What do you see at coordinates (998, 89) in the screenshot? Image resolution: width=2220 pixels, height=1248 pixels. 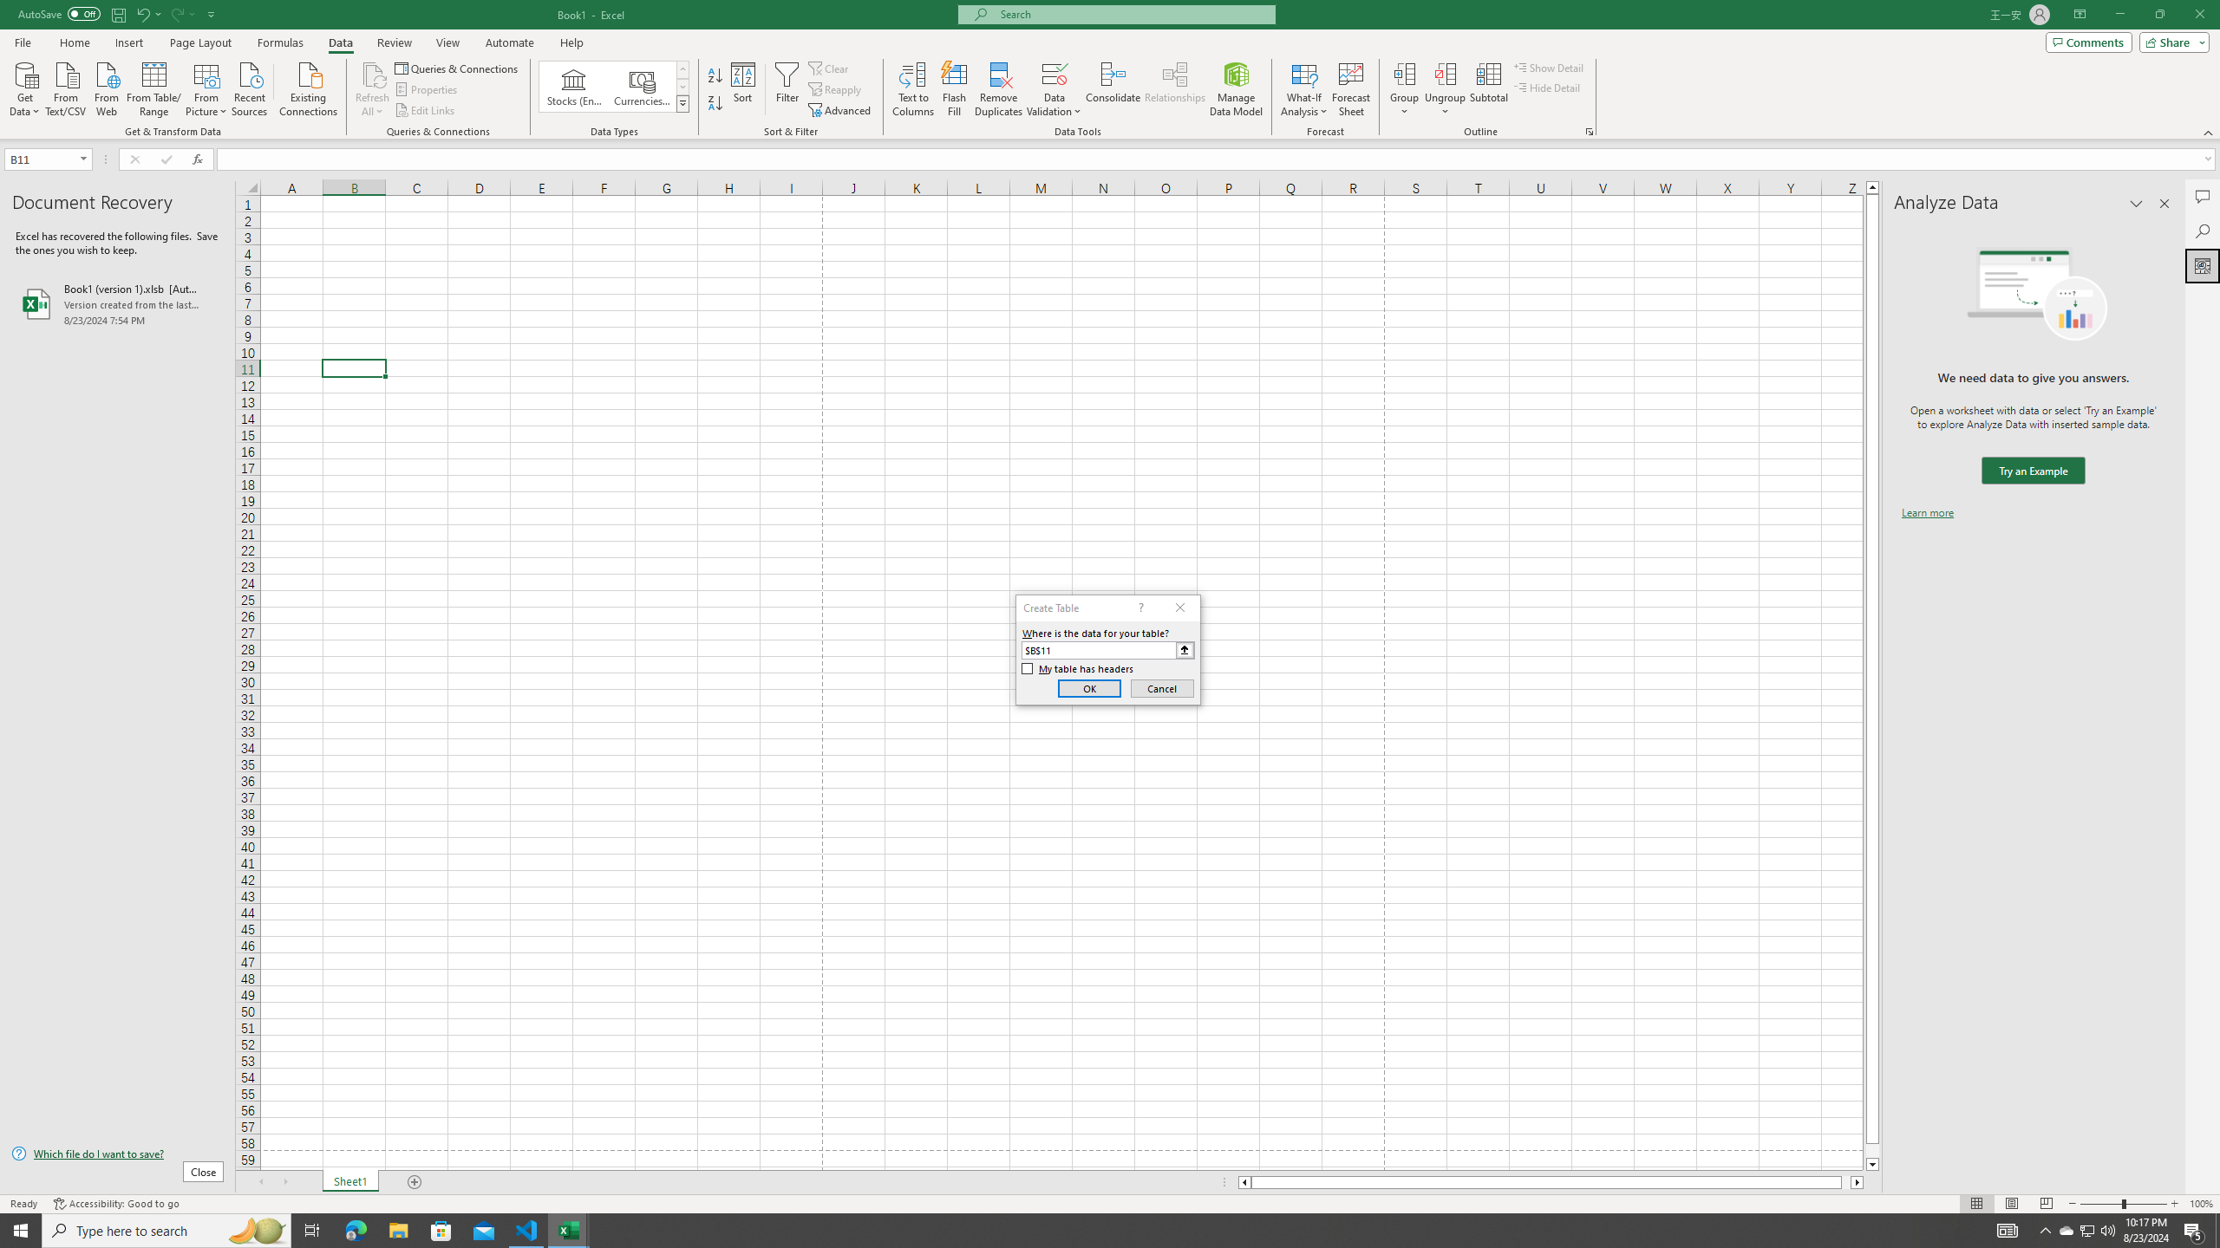 I see `'Remove Duplicates'` at bounding box center [998, 89].